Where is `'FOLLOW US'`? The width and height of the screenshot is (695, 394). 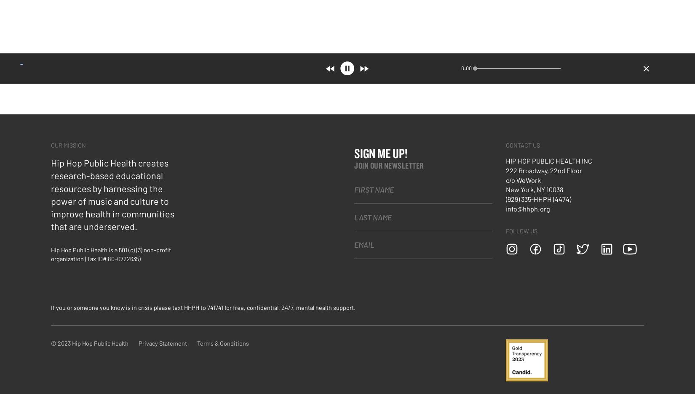 'FOLLOW US' is located at coordinates (521, 231).